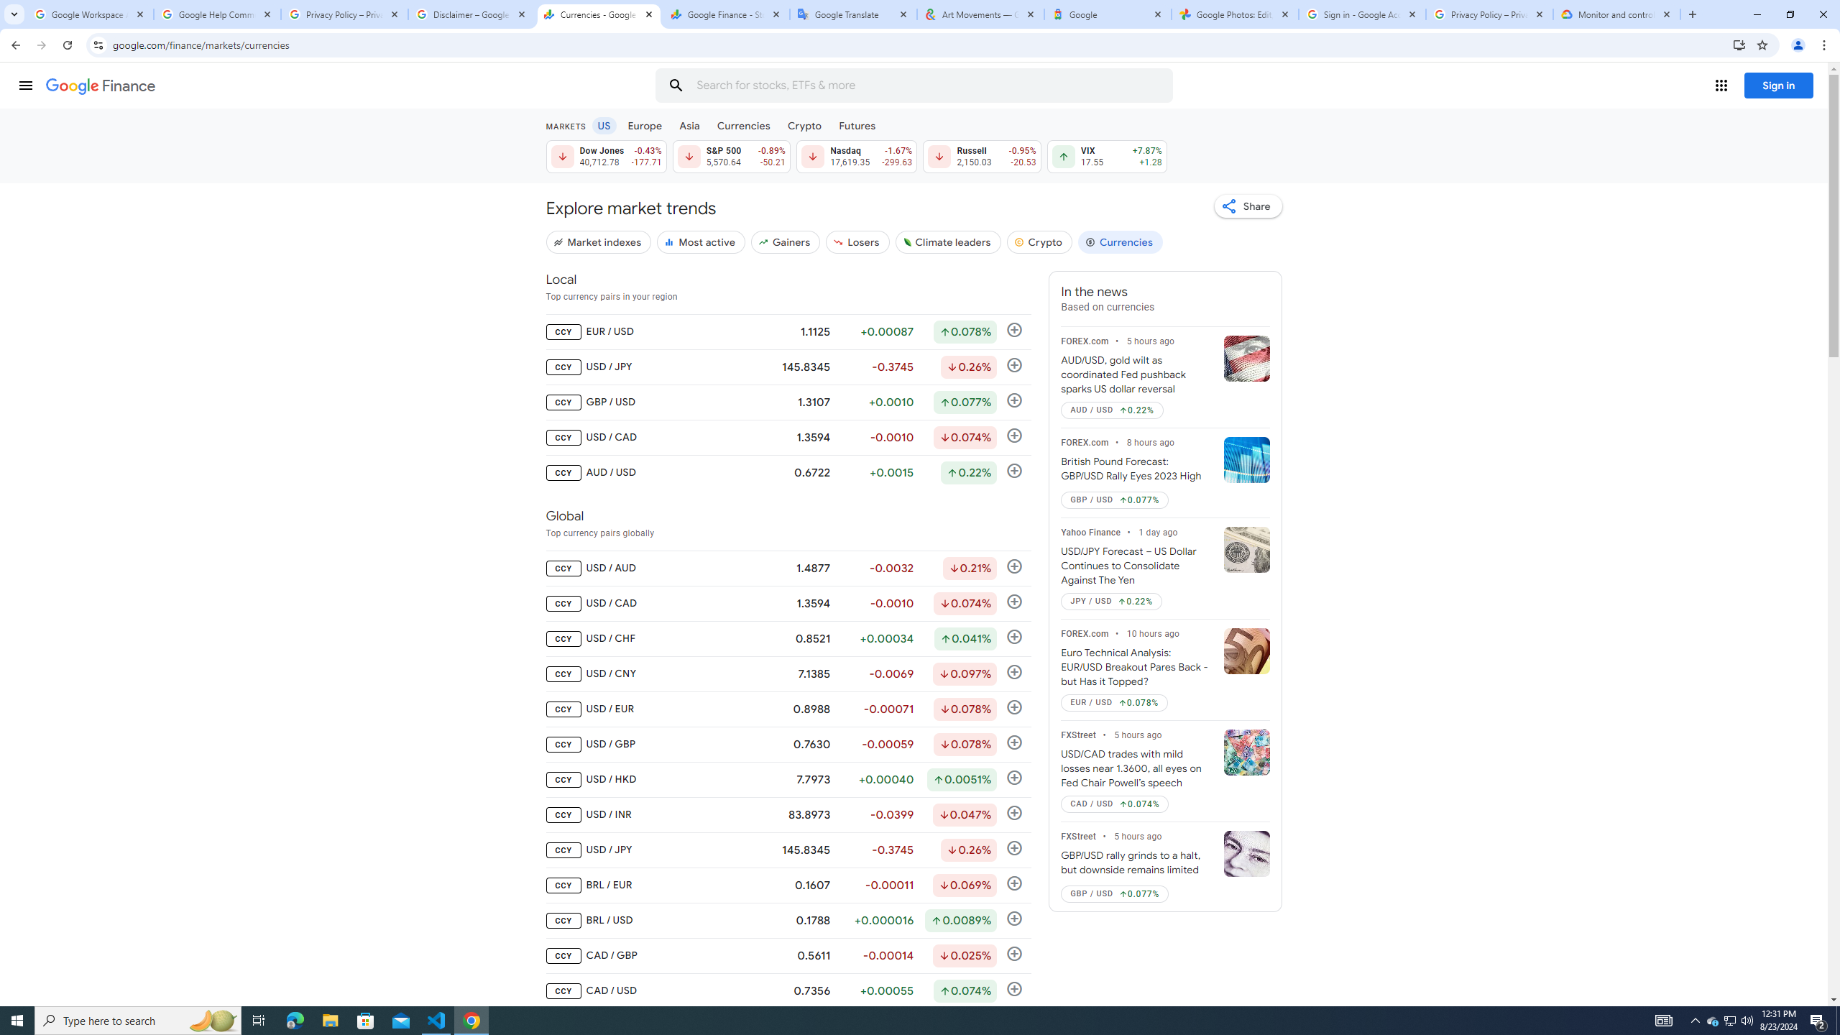 The height and width of the screenshot is (1035, 1840). What do you see at coordinates (788, 990) in the screenshot?
I see `'CCY CAD / USD 0.7354 +0.00040 Up by 0.074% Follow'` at bounding box center [788, 990].